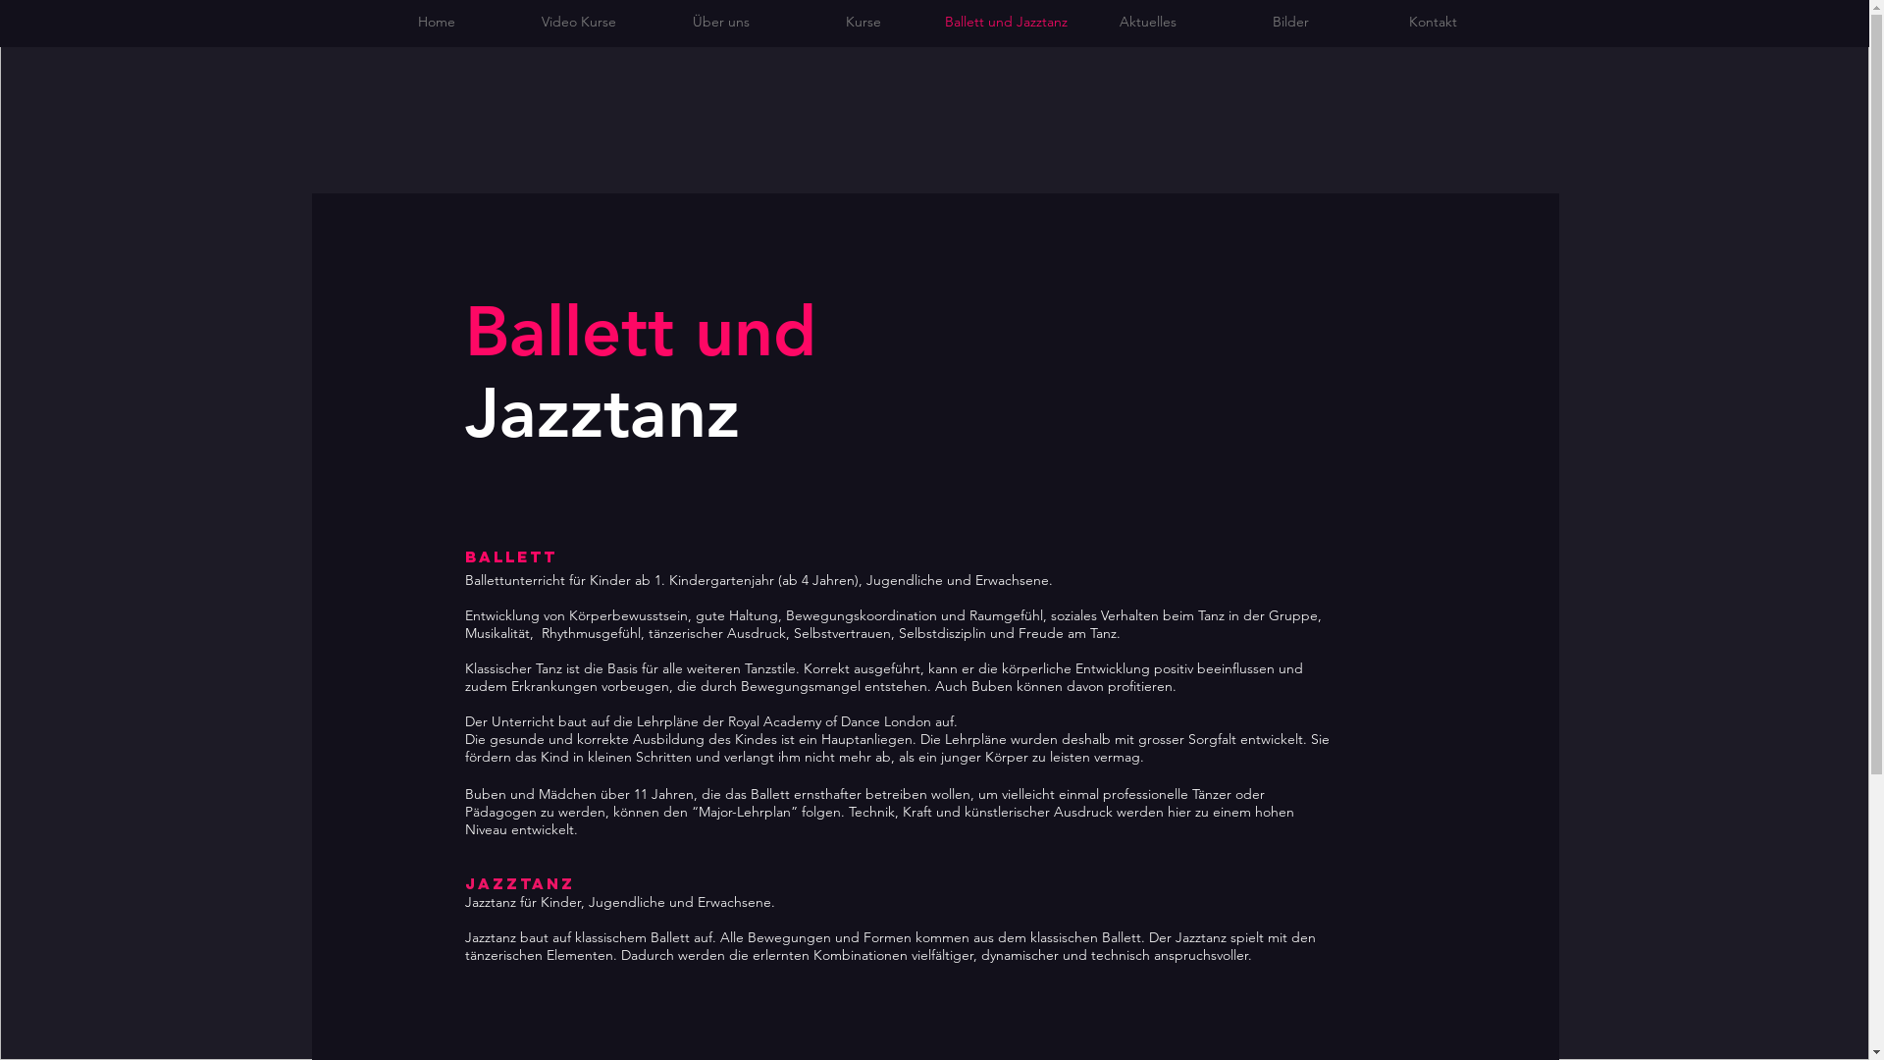  I want to click on 'Kurse', so click(863, 22).